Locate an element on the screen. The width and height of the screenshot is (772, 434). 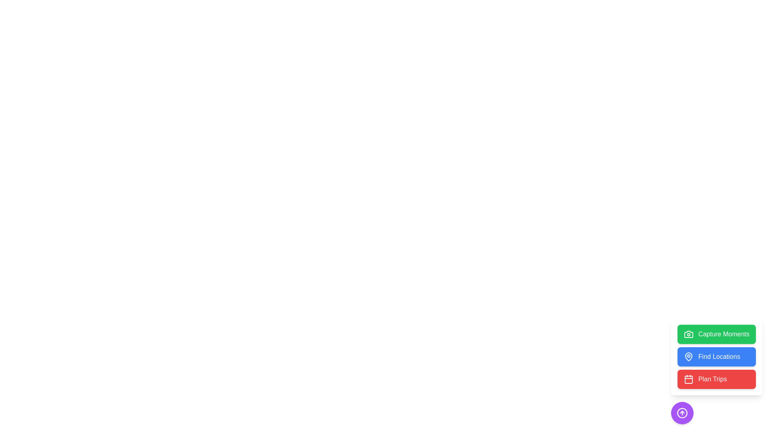
'Find Locations' button to initiate the location search is located at coordinates (716, 356).